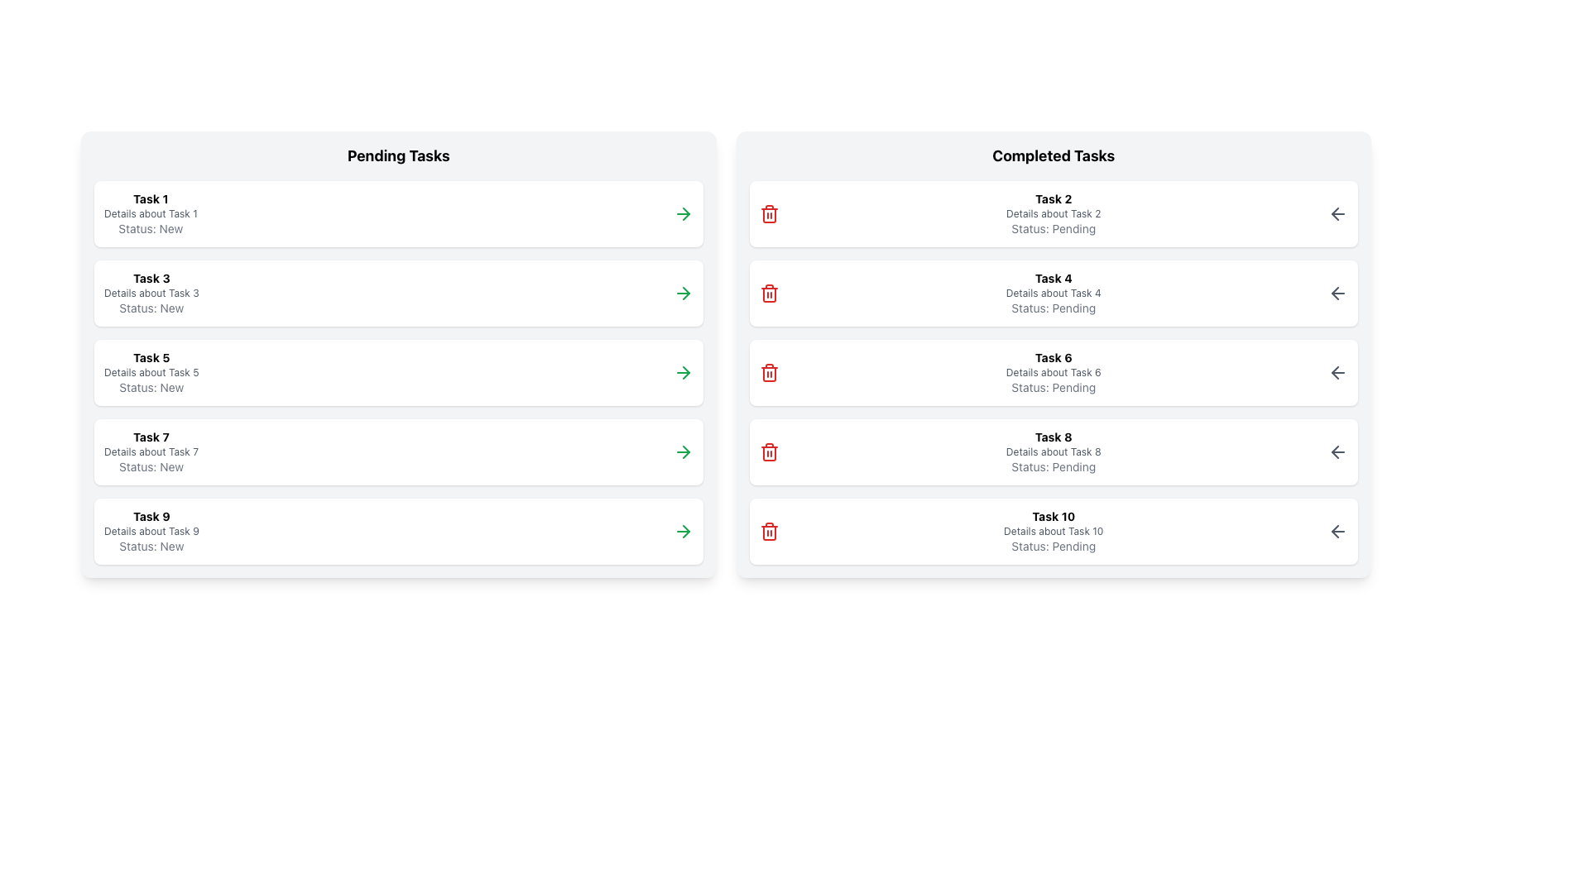 Image resolution: width=1589 pixels, height=893 pixels. What do you see at coordinates (151, 228) in the screenshot?
I see `the status text label indicating 'New' located under the 'Details about Task 1' in the 'Pending Tasks' section` at bounding box center [151, 228].